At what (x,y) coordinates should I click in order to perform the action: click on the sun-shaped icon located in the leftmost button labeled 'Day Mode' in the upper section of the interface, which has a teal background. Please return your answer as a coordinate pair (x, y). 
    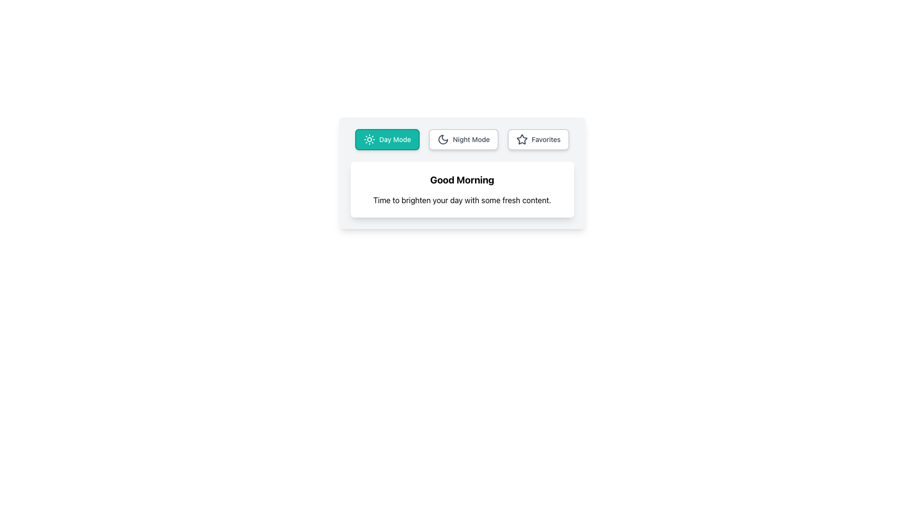
    Looking at the image, I should click on (369, 139).